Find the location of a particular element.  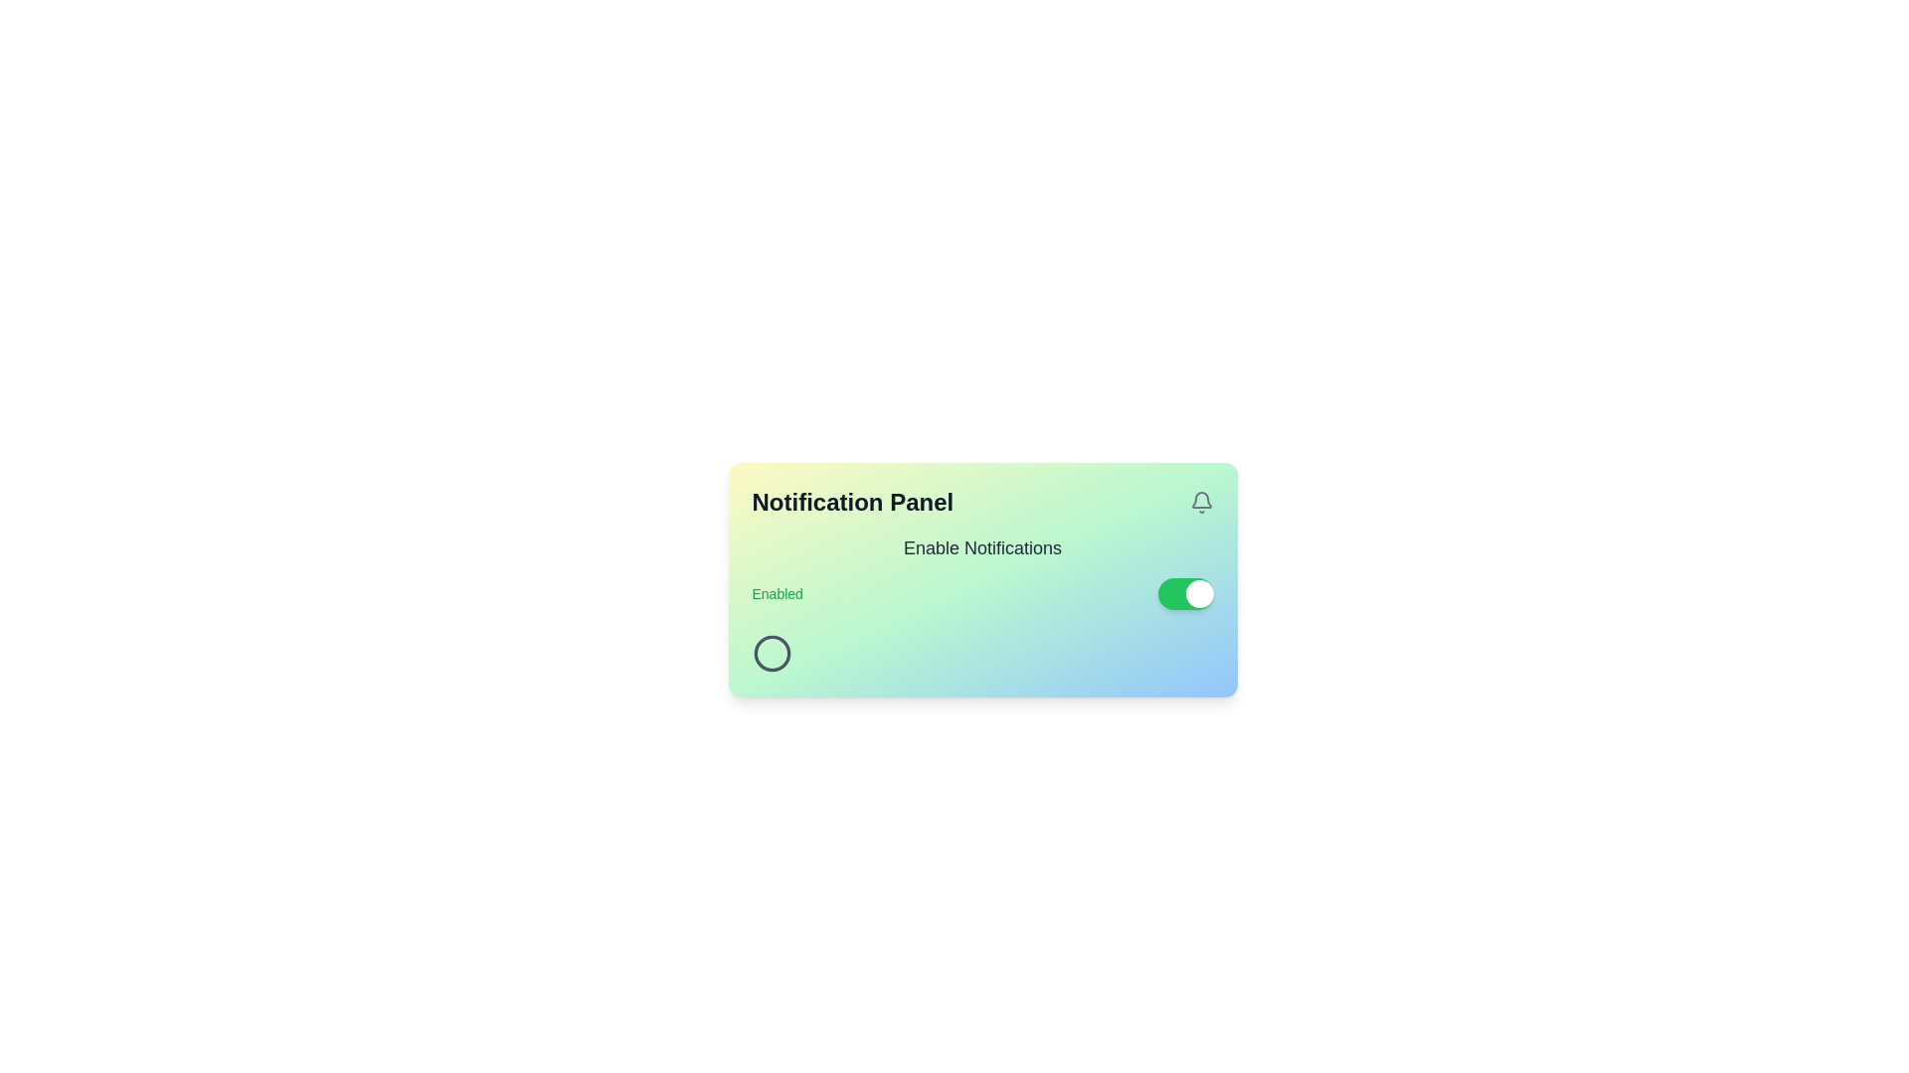

the symbolic marker icon located in the bottom-left section of the 'Notification Panel' card, near the text 'Enabled' is located at coordinates (771, 654).